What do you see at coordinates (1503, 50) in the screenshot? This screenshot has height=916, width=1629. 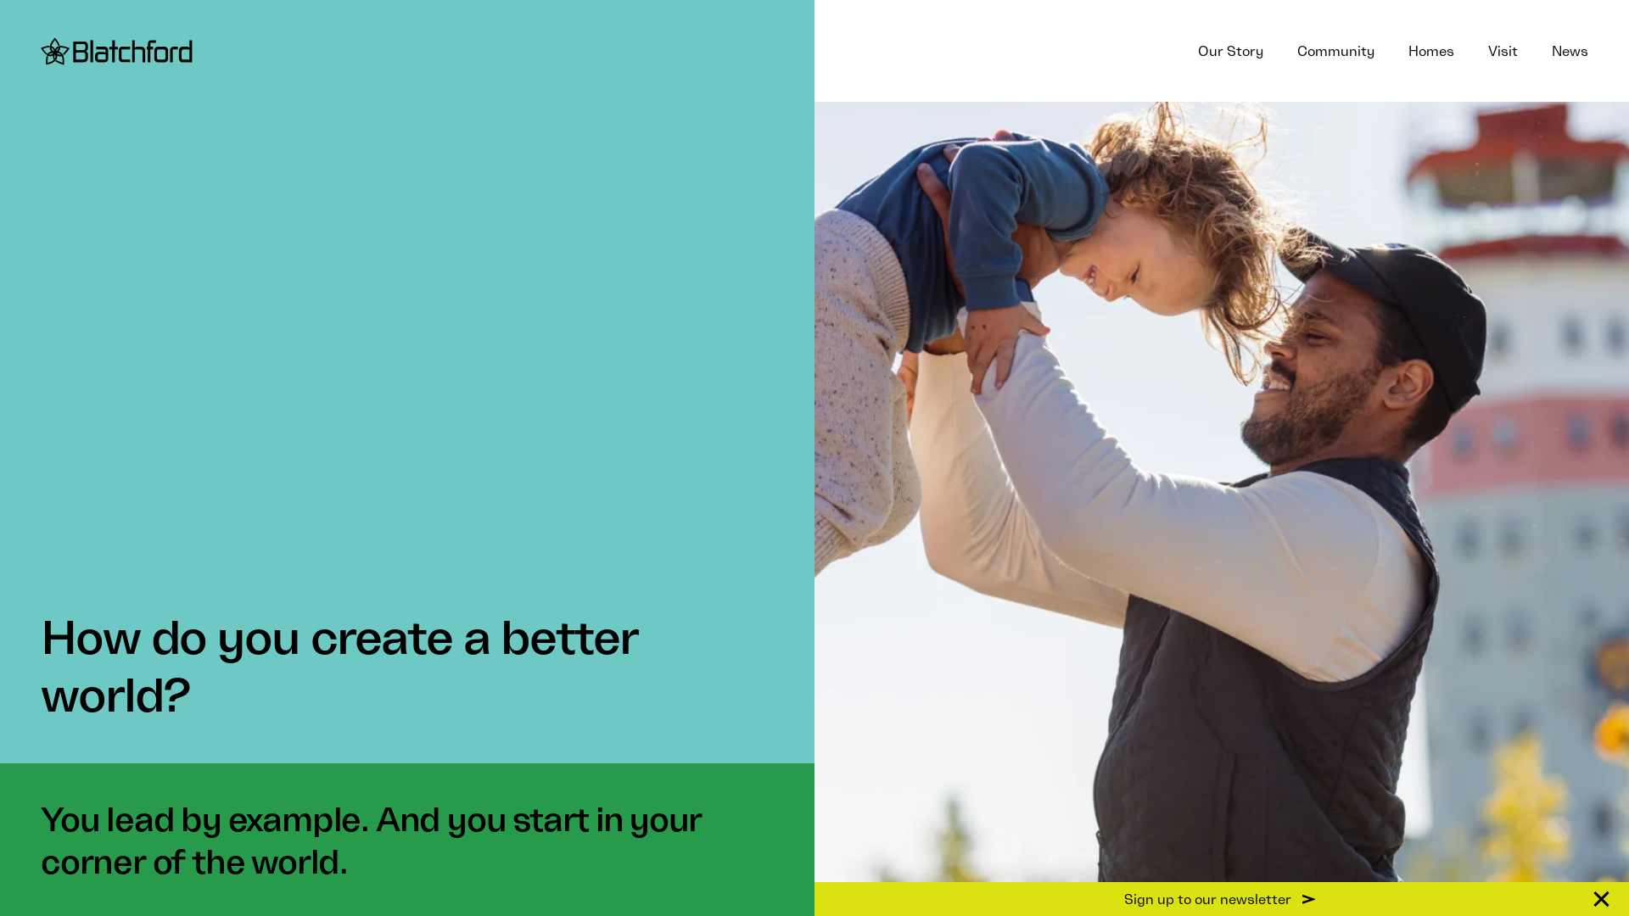 I see `'Visit'` at bounding box center [1503, 50].